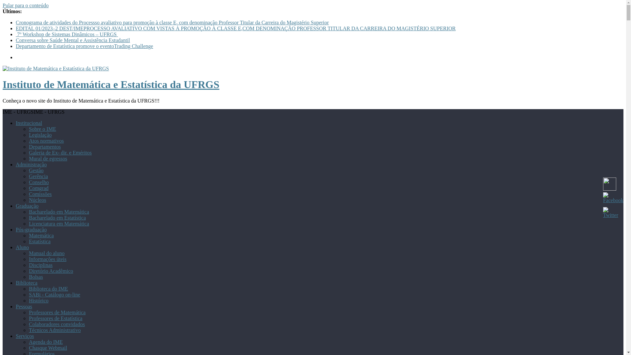 The image size is (631, 355). What do you see at coordinates (24, 306) in the screenshot?
I see `'Pessoas'` at bounding box center [24, 306].